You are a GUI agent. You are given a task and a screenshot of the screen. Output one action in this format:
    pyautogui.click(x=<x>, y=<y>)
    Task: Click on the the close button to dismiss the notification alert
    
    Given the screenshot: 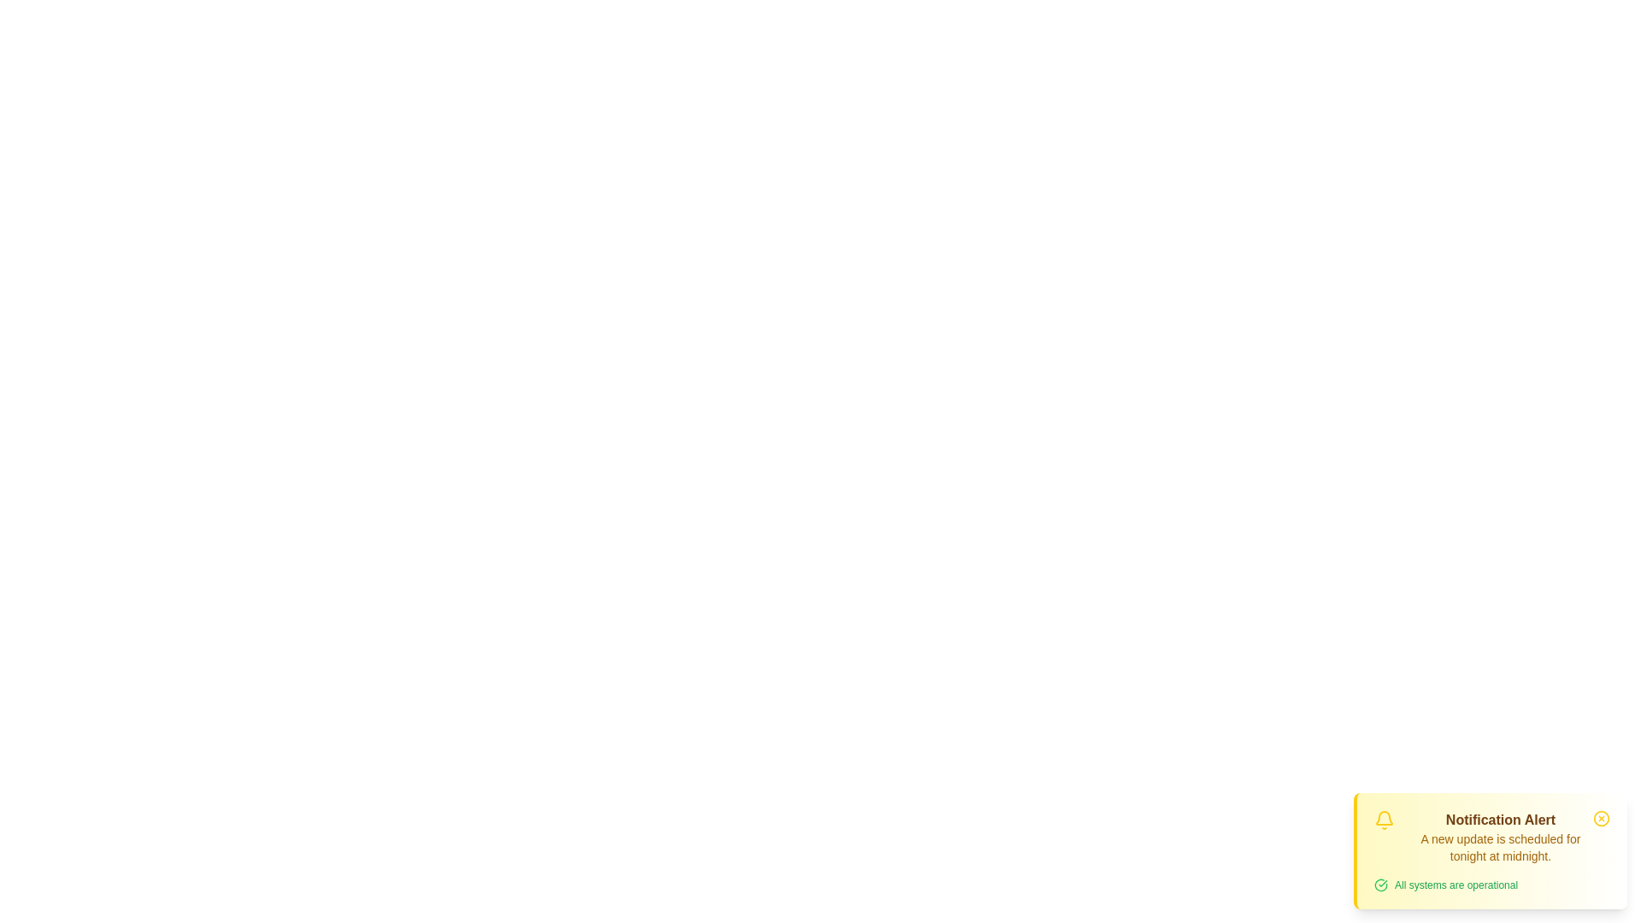 What is the action you would take?
    pyautogui.click(x=1600, y=817)
    